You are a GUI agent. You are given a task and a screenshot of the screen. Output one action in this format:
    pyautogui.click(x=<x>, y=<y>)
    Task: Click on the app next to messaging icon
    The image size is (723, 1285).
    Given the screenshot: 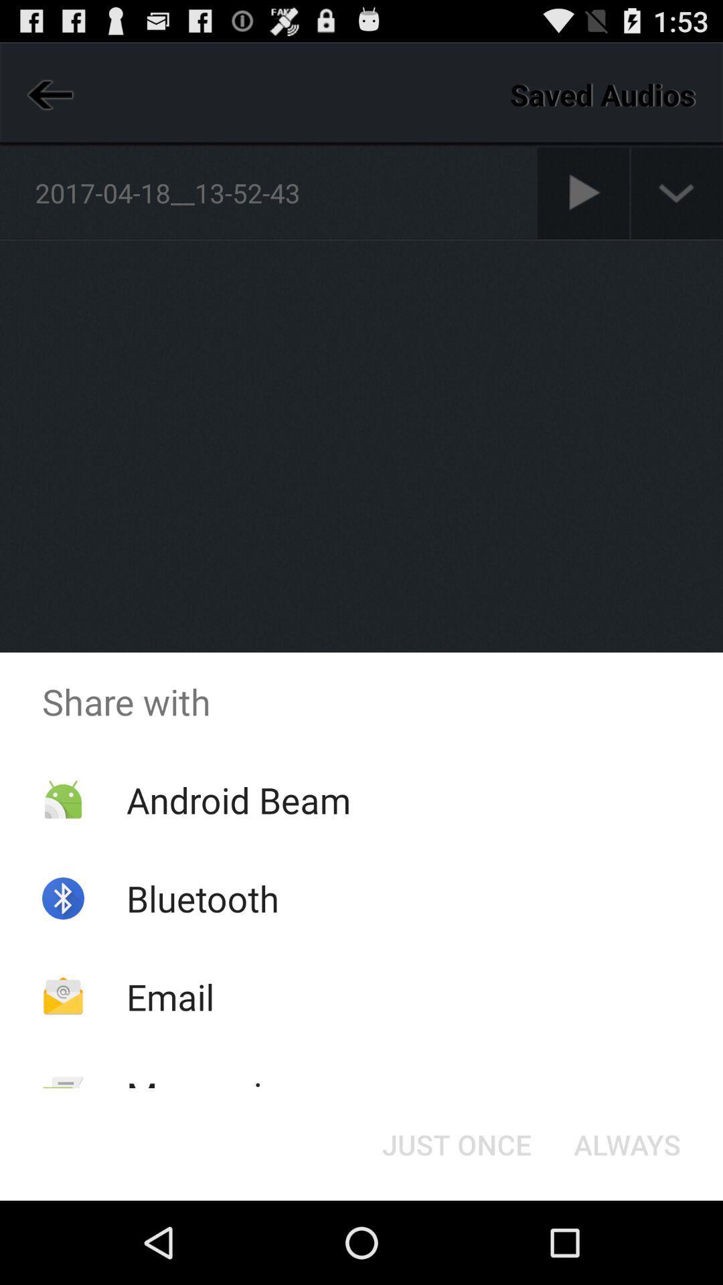 What is the action you would take?
    pyautogui.click(x=456, y=1143)
    